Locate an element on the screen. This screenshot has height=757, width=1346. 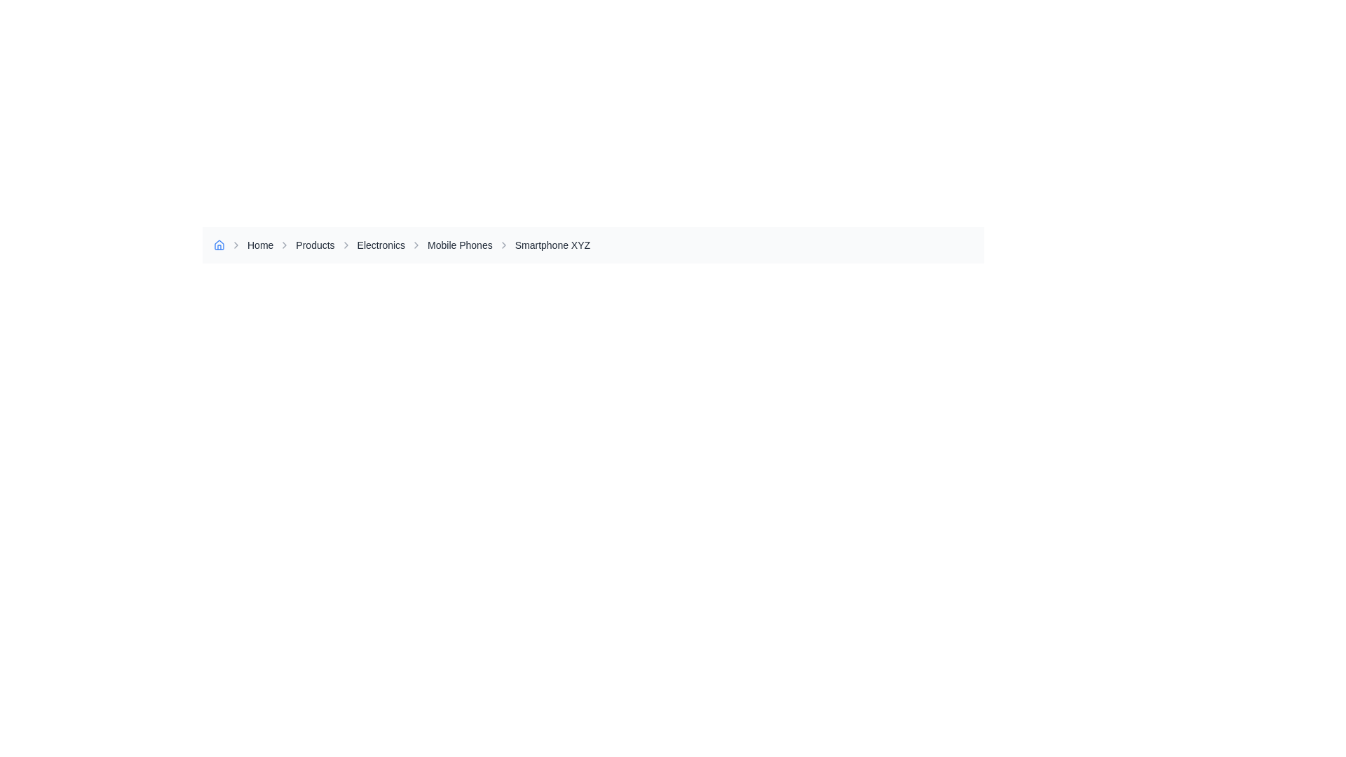
the 'Electronics' link in the breadcrumb navigation is located at coordinates (372, 245).